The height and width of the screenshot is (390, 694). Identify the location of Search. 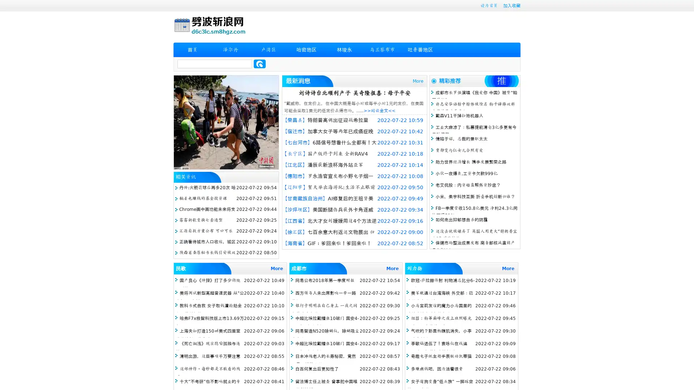
(260, 64).